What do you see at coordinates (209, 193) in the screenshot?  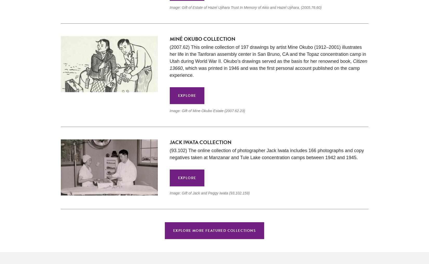 I see `'Image: Gift of Jack and Peggy Iwata (93.102.159)'` at bounding box center [209, 193].